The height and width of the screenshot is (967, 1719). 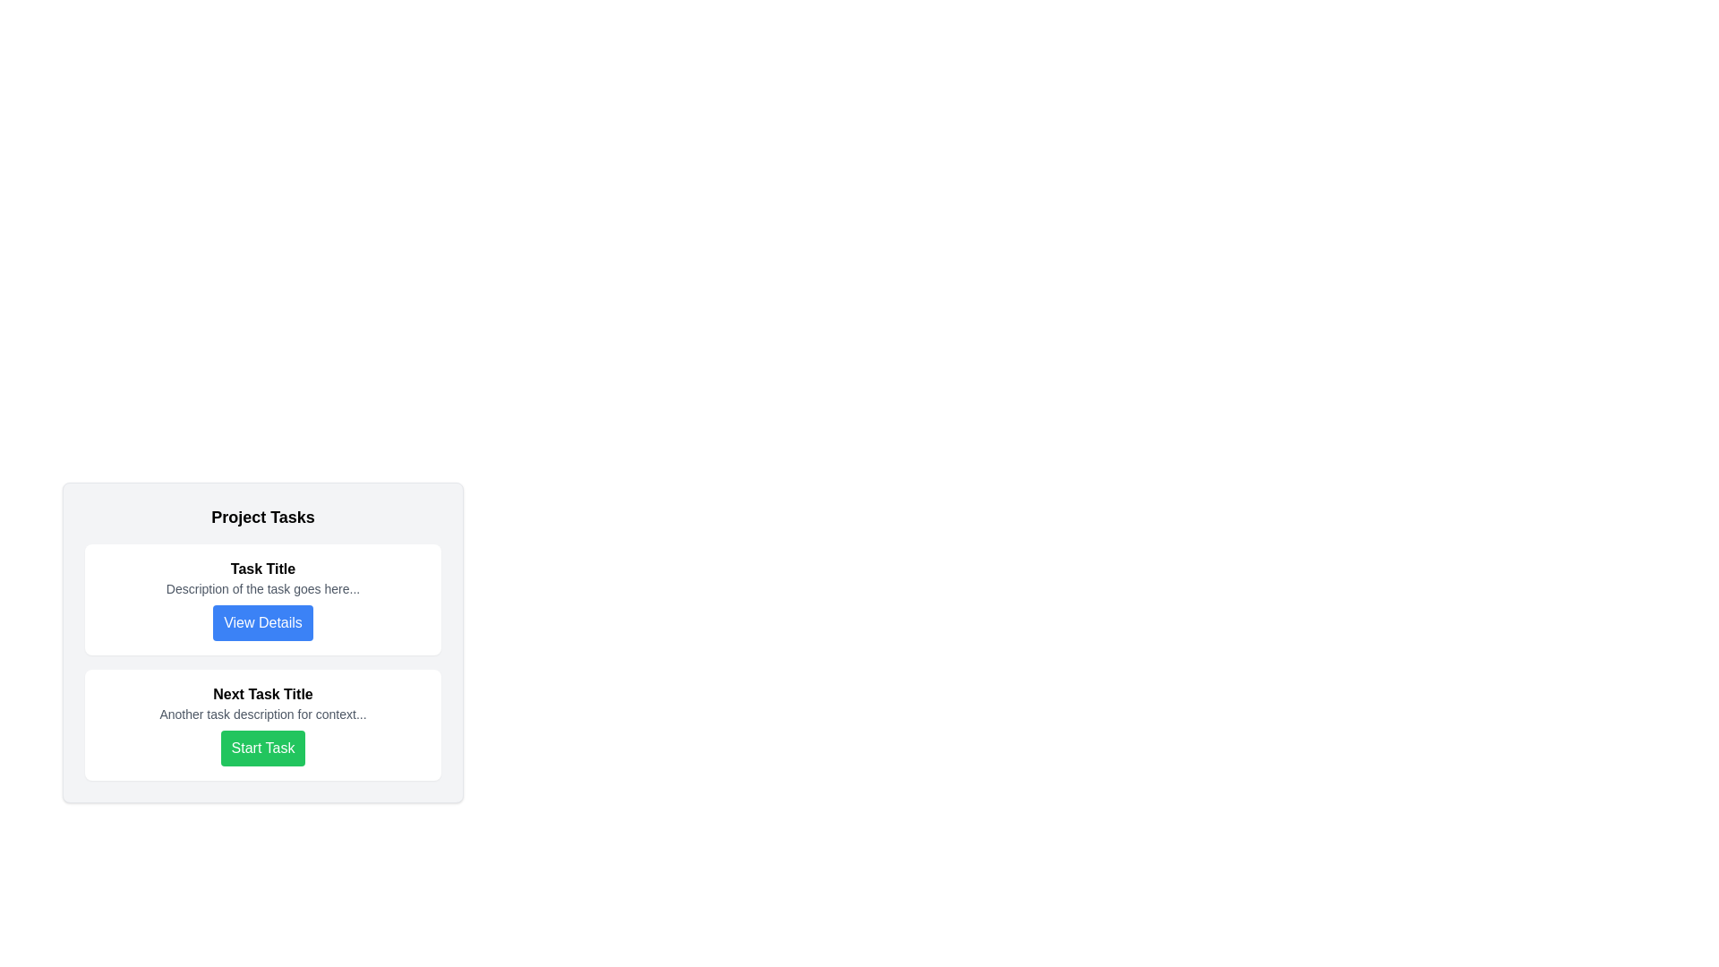 I want to click on the blue rectangular button labeled 'View Details' to animate or change its color, so click(x=261, y=621).